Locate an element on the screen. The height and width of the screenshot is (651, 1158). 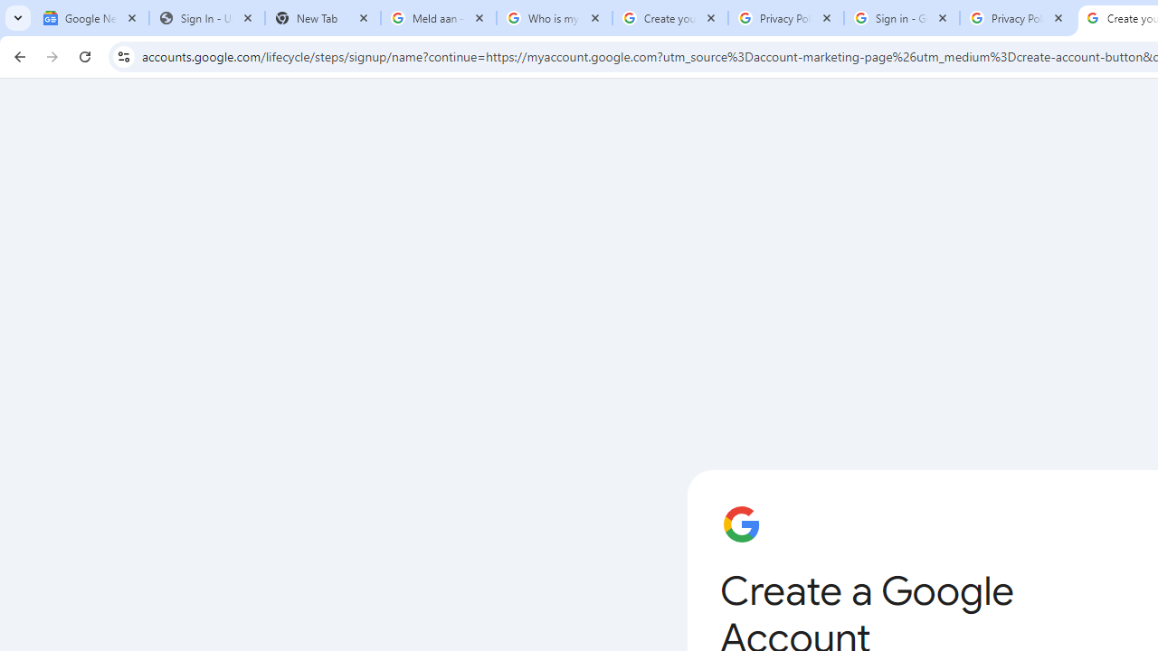
'Who is my administrator? - Google Account Help' is located at coordinates (554, 18).